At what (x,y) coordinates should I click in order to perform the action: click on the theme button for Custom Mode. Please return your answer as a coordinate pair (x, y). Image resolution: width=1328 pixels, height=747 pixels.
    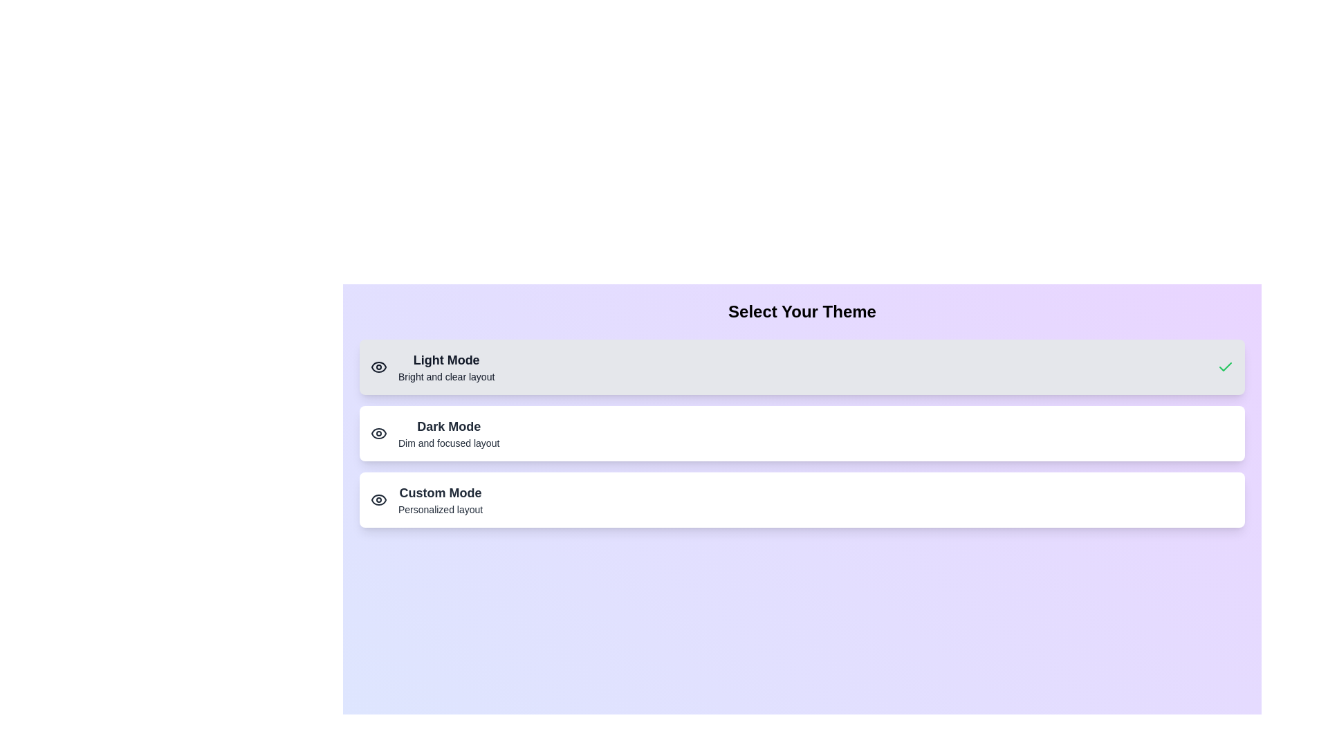
    Looking at the image, I should click on (802, 499).